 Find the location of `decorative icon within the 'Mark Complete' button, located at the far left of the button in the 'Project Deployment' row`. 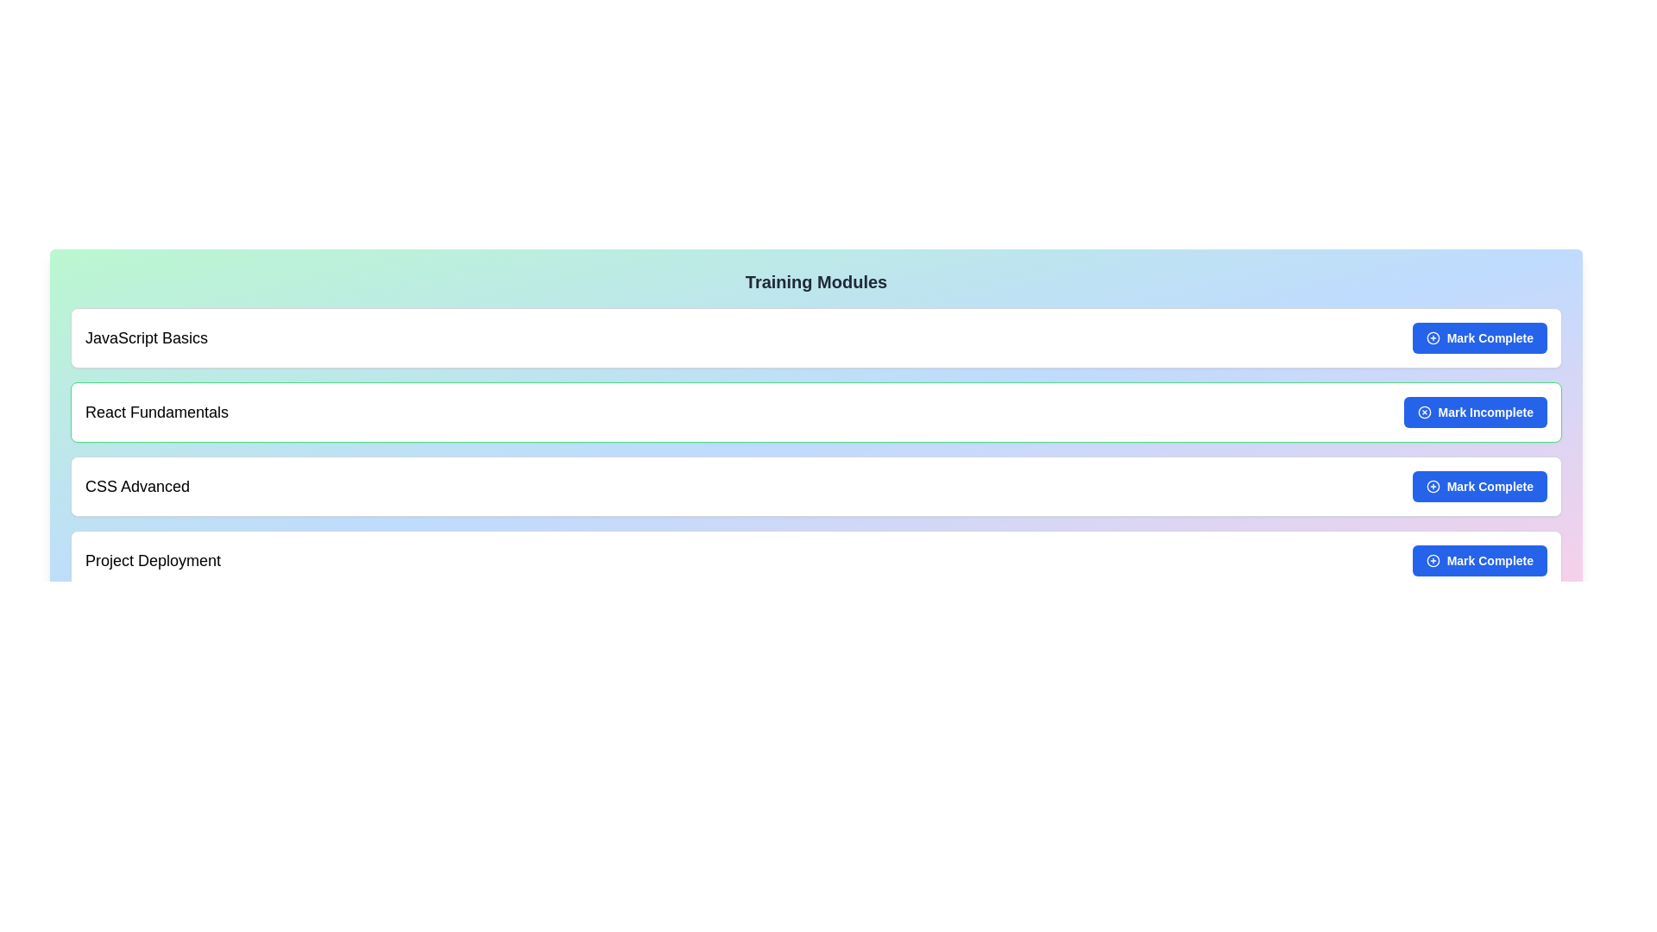

decorative icon within the 'Mark Complete' button, located at the far left of the button in the 'Project Deployment' row is located at coordinates (1433, 561).